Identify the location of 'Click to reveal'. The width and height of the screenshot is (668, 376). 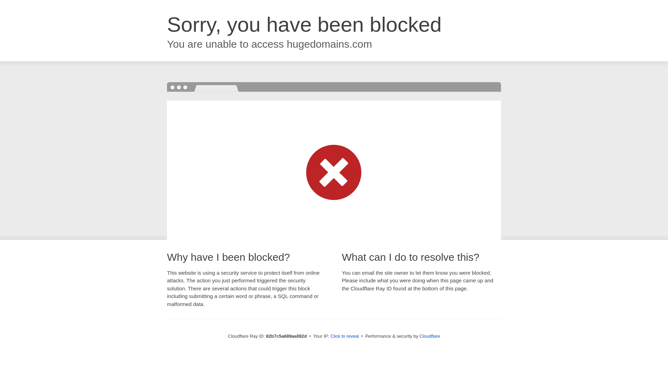
(344, 336).